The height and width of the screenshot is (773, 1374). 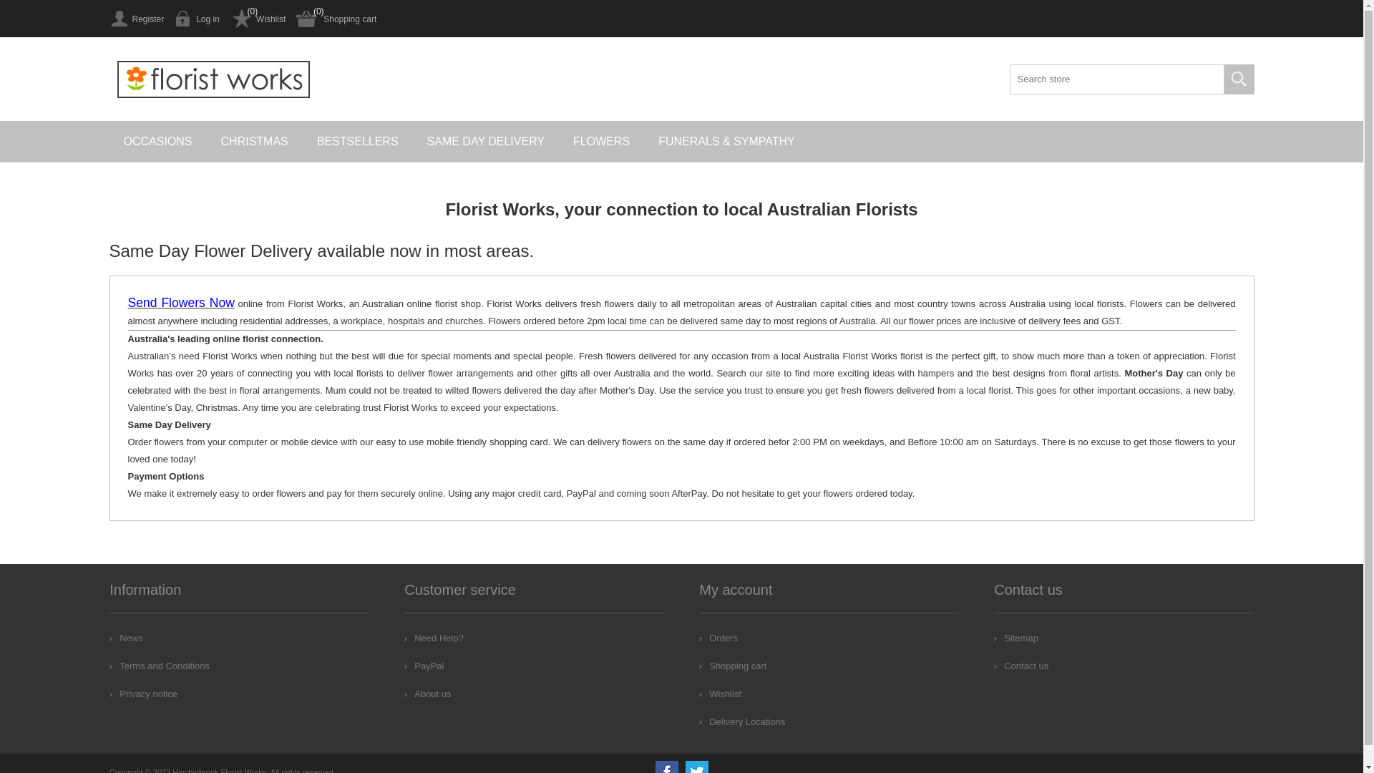 I want to click on 'Search', so click(x=1238, y=79).